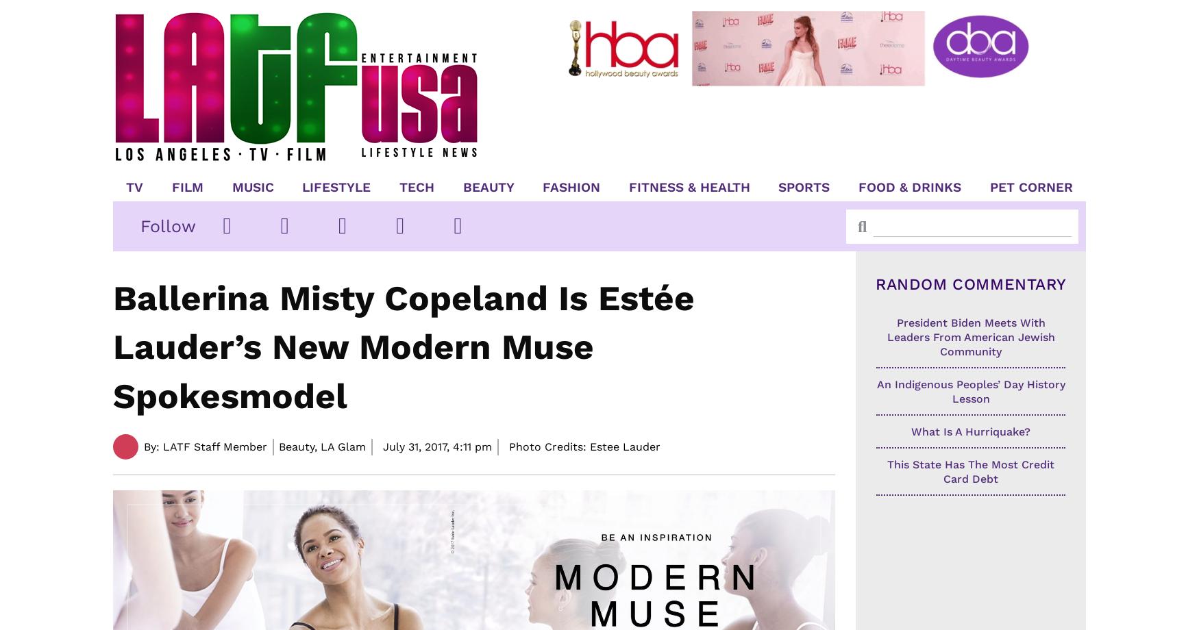  I want to click on 'Beauty', so click(488, 187).